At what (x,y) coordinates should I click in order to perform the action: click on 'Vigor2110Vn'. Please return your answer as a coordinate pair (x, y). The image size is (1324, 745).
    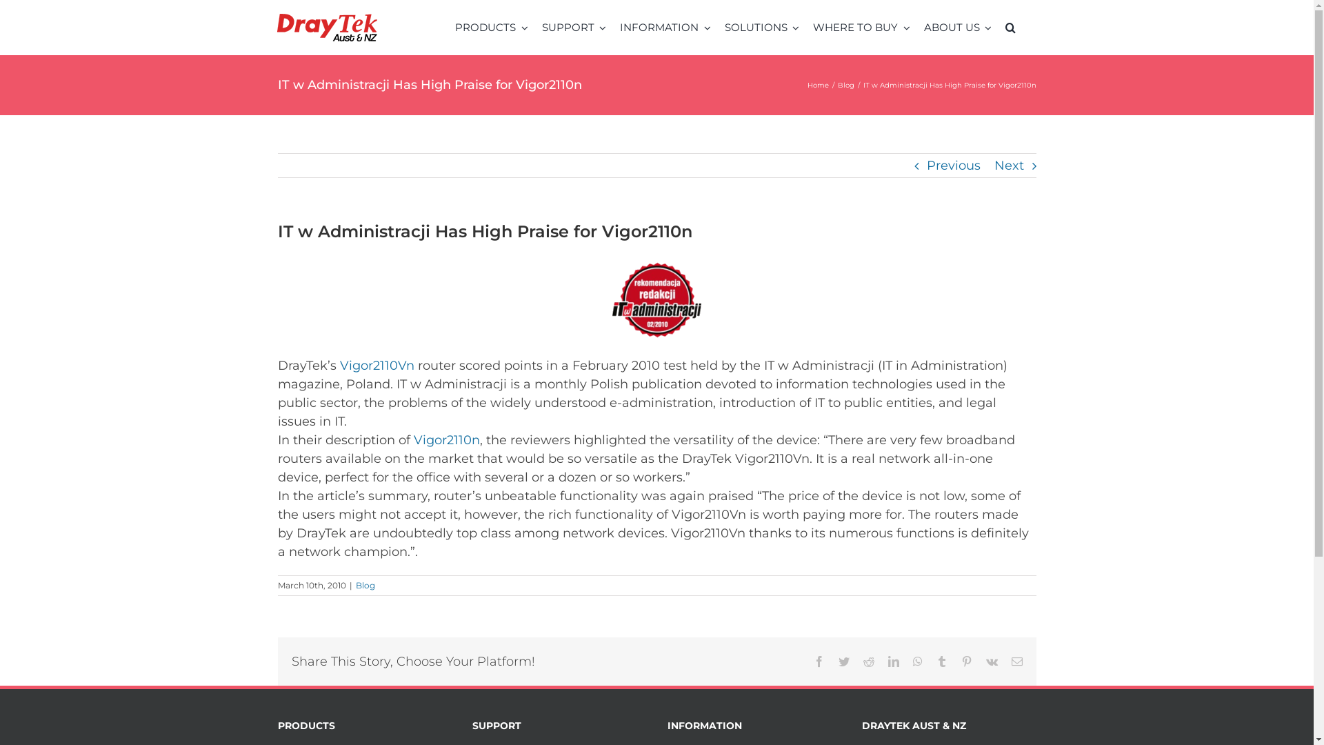
    Looking at the image, I should click on (377, 364).